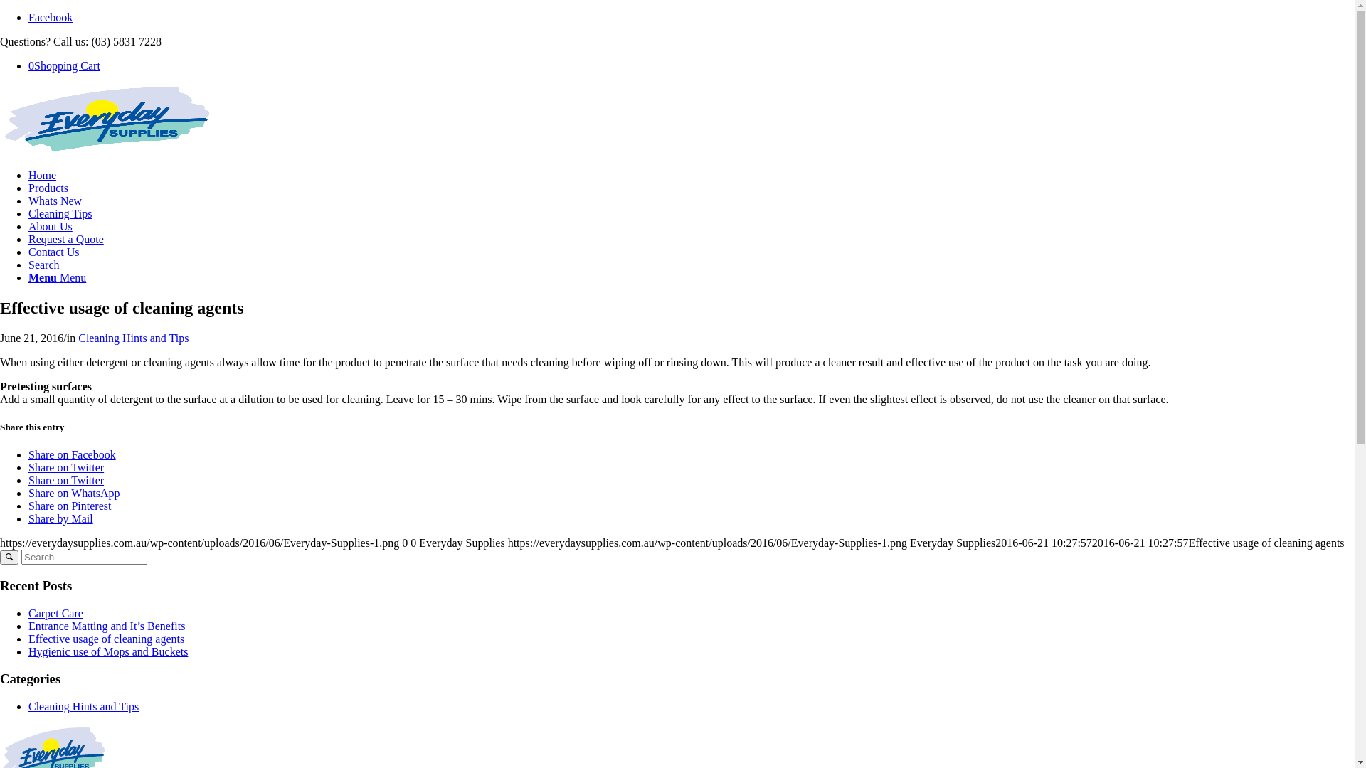 Image resolution: width=1366 pixels, height=768 pixels. I want to click on 'Home', so click(42, 174).